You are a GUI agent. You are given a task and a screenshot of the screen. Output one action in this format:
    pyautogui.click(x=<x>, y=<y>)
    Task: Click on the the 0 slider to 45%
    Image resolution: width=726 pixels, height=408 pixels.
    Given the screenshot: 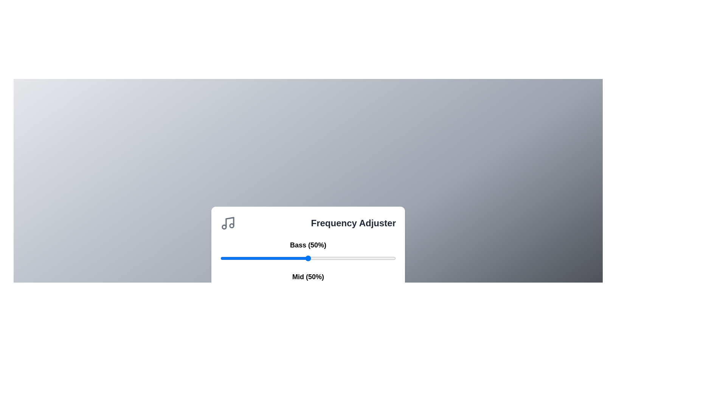 What is the action you would take?
    pyautogui.click(x=387, y=258)
    